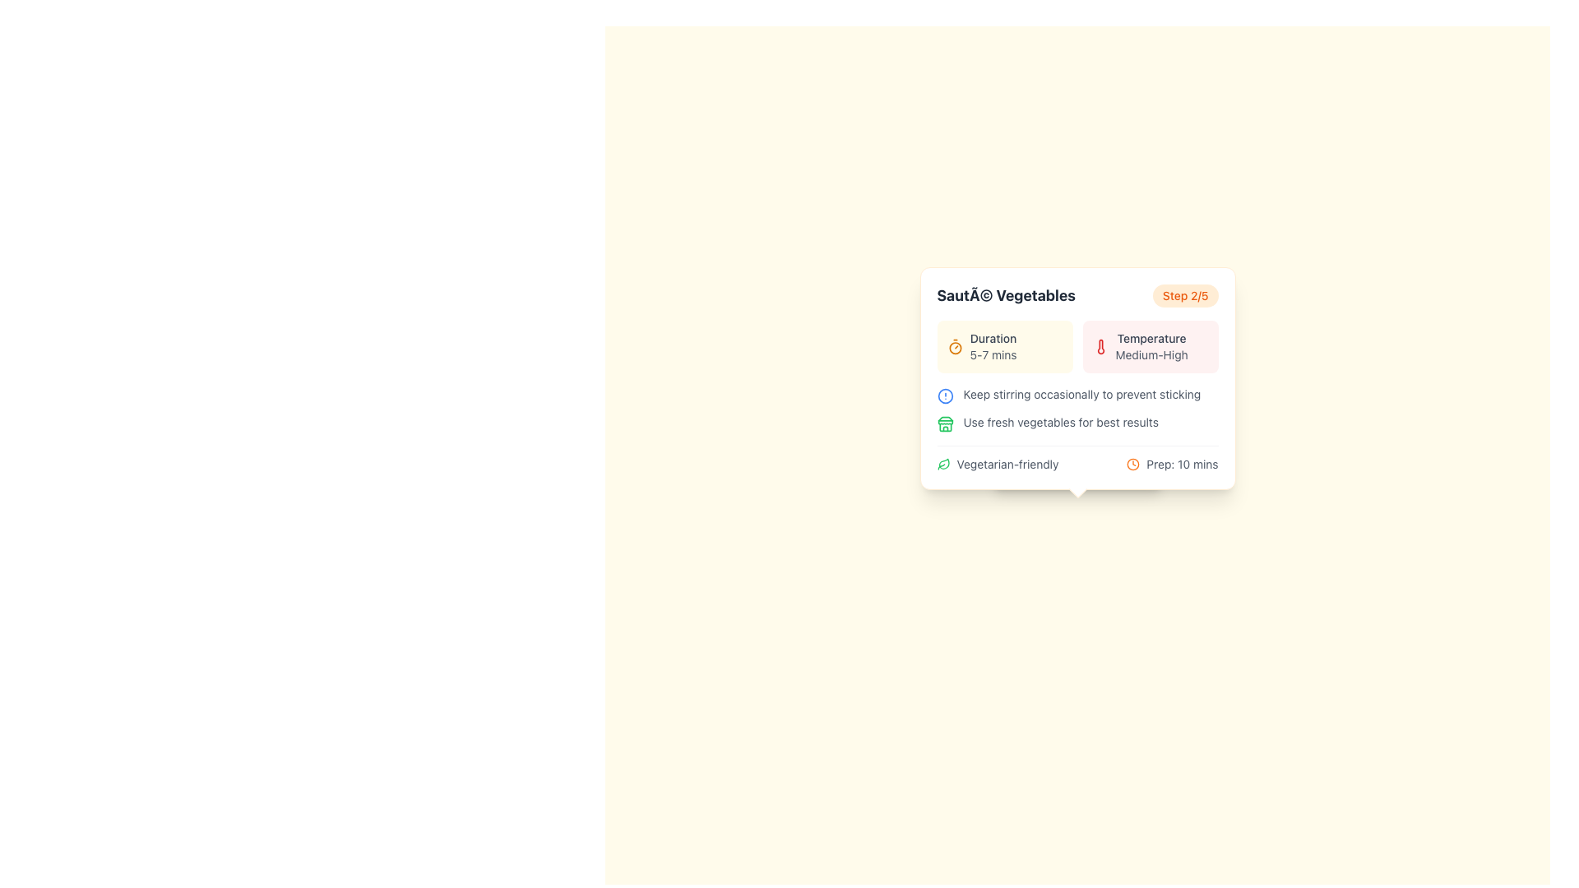 The image size is (1579, 888). I want to click on text of the 'Duration' label, which displays the word 'Duration' in gray color as part of the detailed information box, so click(993, 338).